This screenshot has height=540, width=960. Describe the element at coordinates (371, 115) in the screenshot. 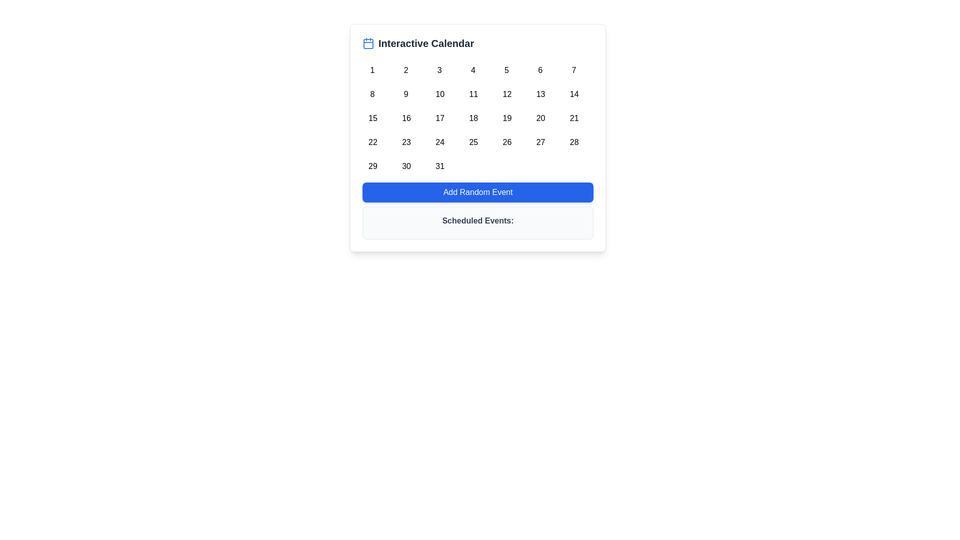

I see `the button representing a specific day in the calendar located in the third row and first column of the calendar grid` at that location.